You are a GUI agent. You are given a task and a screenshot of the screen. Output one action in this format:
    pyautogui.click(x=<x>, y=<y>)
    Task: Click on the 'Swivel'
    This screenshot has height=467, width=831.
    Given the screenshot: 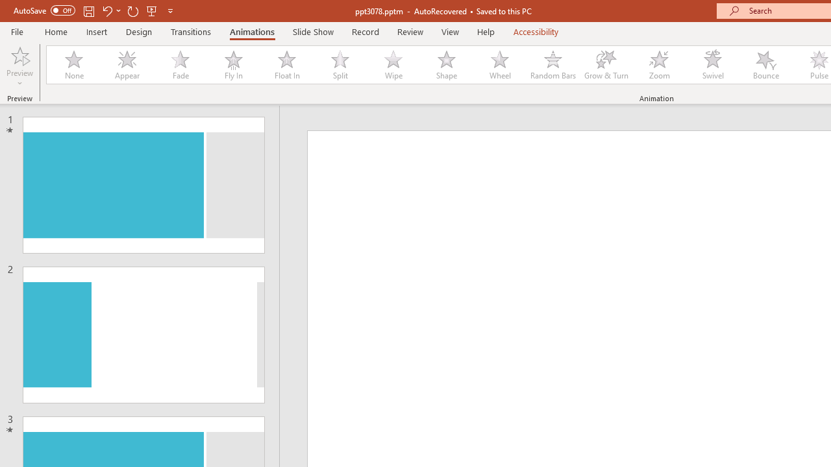 What is the action you would take?
    pyautogui.click(x=712, y=65)
    